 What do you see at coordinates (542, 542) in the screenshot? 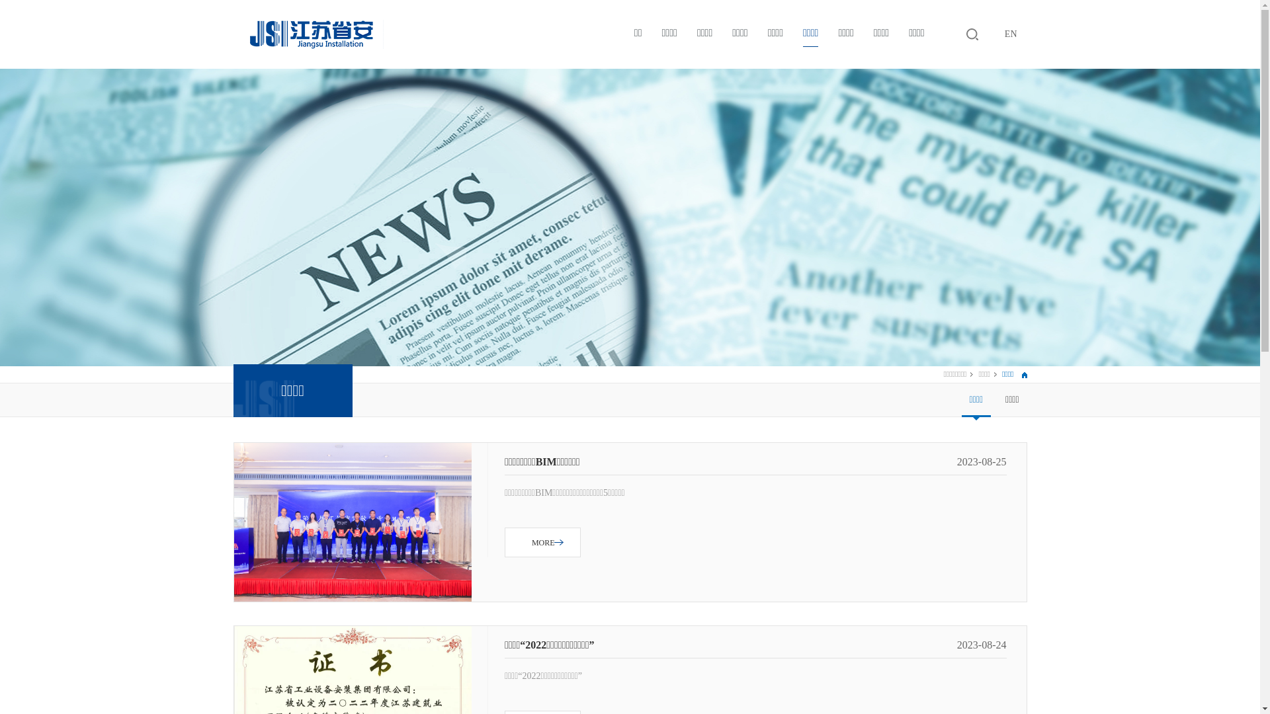
I see `'MORE'` at bounding box center [542, 542].